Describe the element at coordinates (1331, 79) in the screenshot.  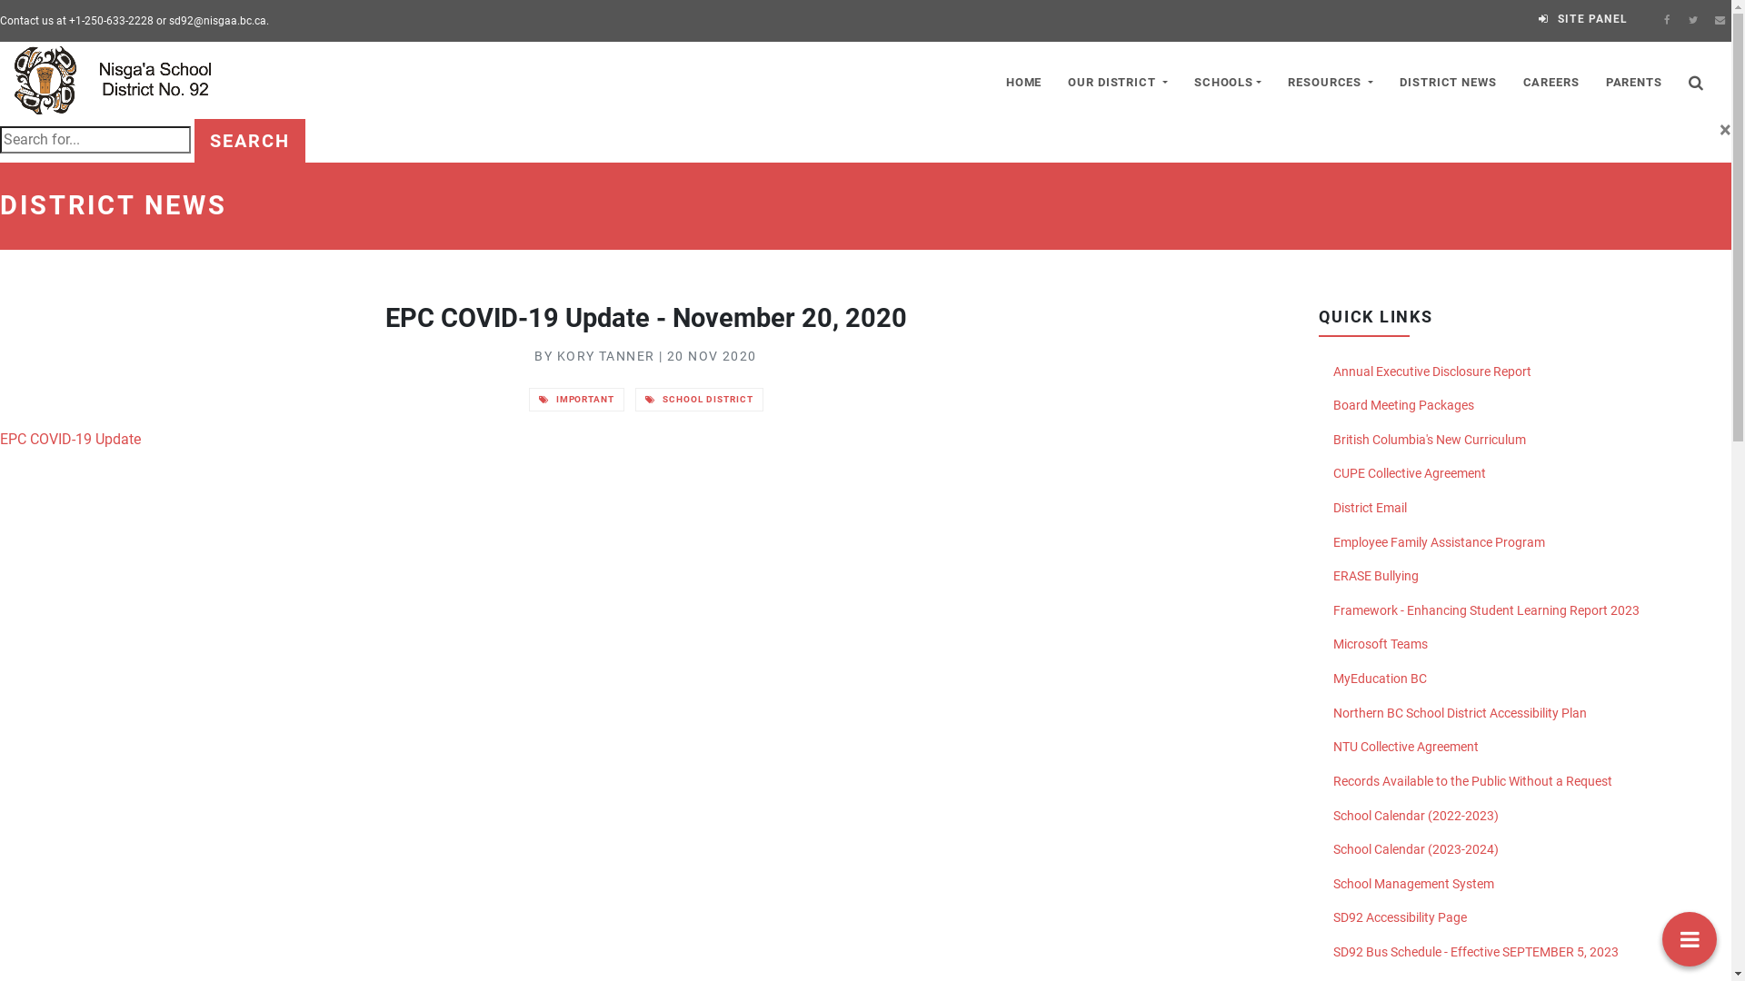
I see `'RESOURCES'` at that location.